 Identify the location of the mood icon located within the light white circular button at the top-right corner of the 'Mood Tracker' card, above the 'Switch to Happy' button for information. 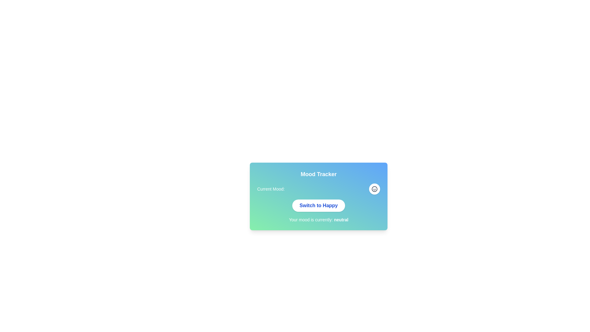
(374, 188).